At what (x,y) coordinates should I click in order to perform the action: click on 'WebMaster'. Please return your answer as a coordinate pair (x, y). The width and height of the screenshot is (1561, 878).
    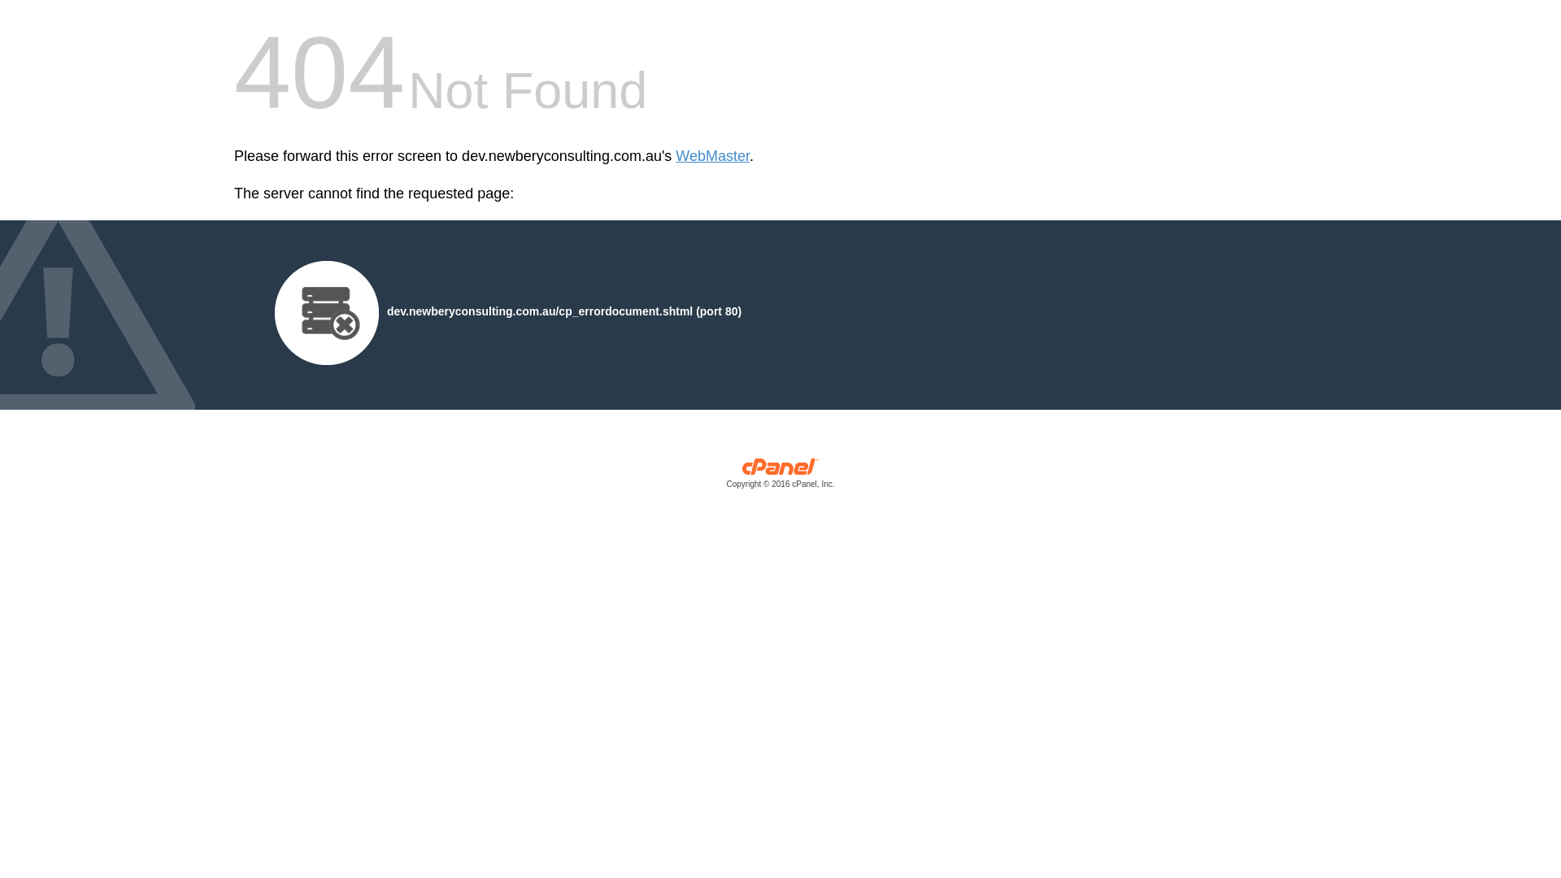
    Looking at the image, I should click on (712, 156).